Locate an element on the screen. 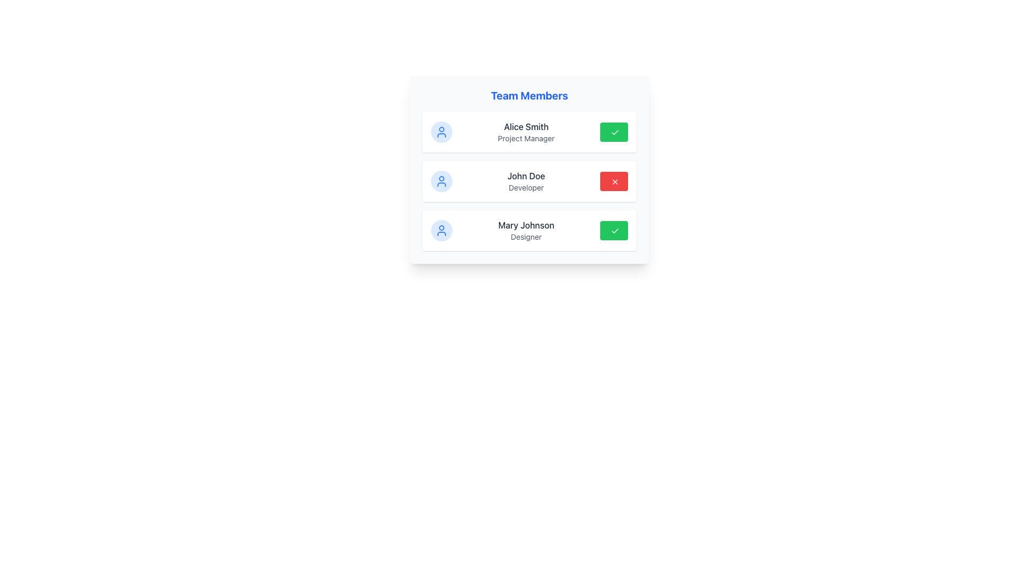 The height and width of the screenshot is (578, 1028). the Text label displaying the name of the individual represented by the card, which is located at the top of the first card under the 'Team Members' heading, aligned horizontally with a circular icon and an action button is located at coordinates (526, 126).